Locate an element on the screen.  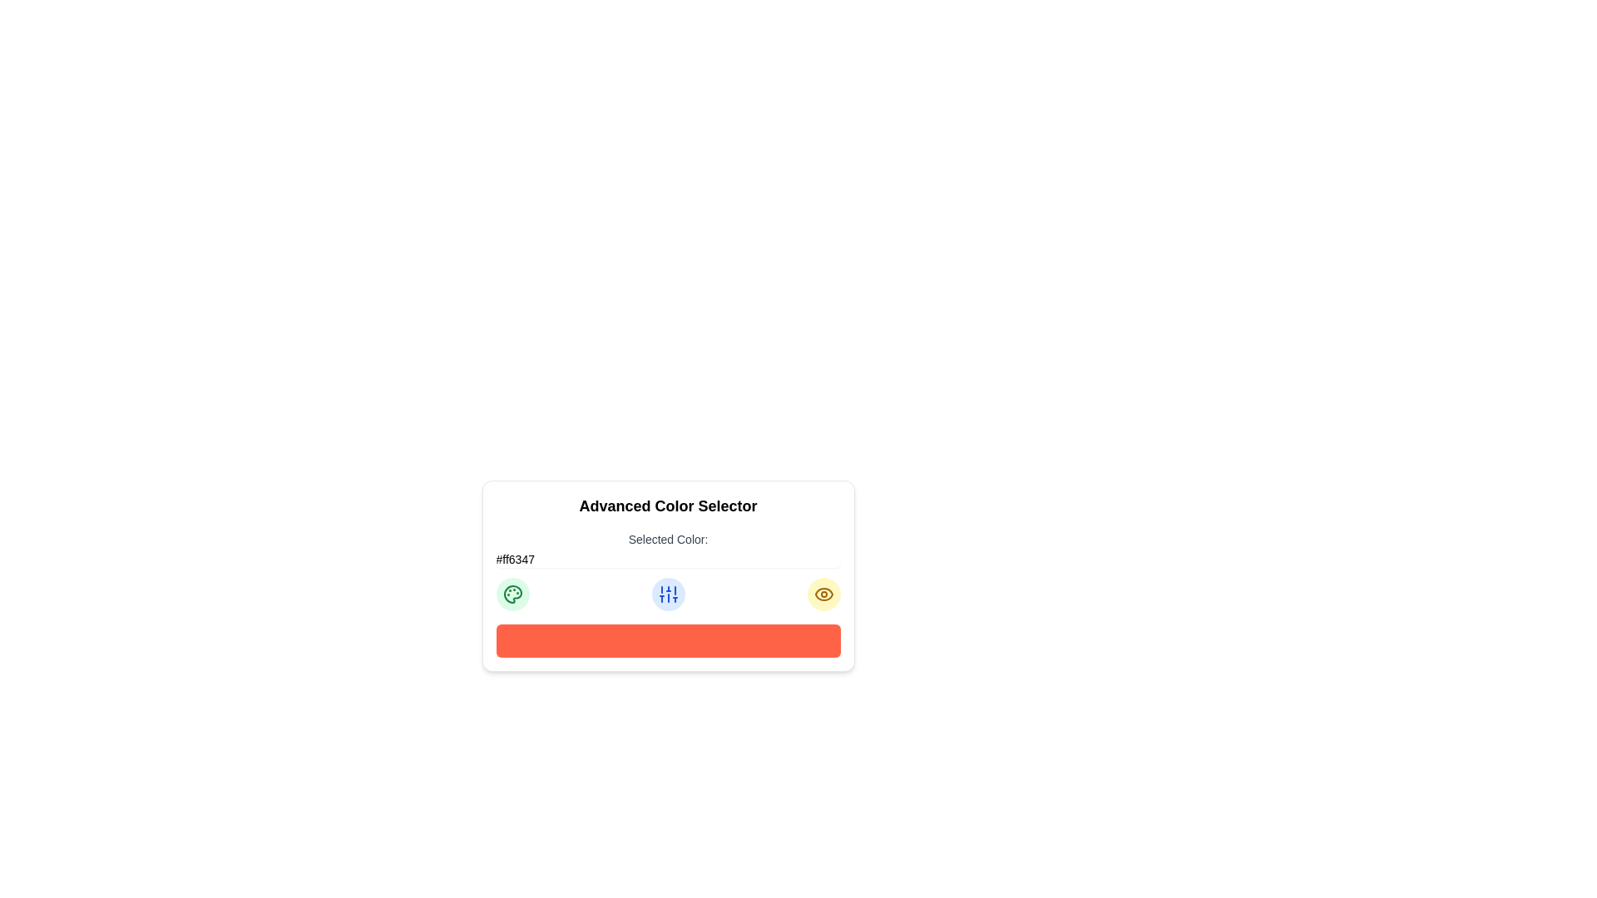
the color selection button, which is a circular button located at the top-left of three inline icons in the lower section of the 'Advanced Color Selector' UI card is located at coordinates (512, 593).